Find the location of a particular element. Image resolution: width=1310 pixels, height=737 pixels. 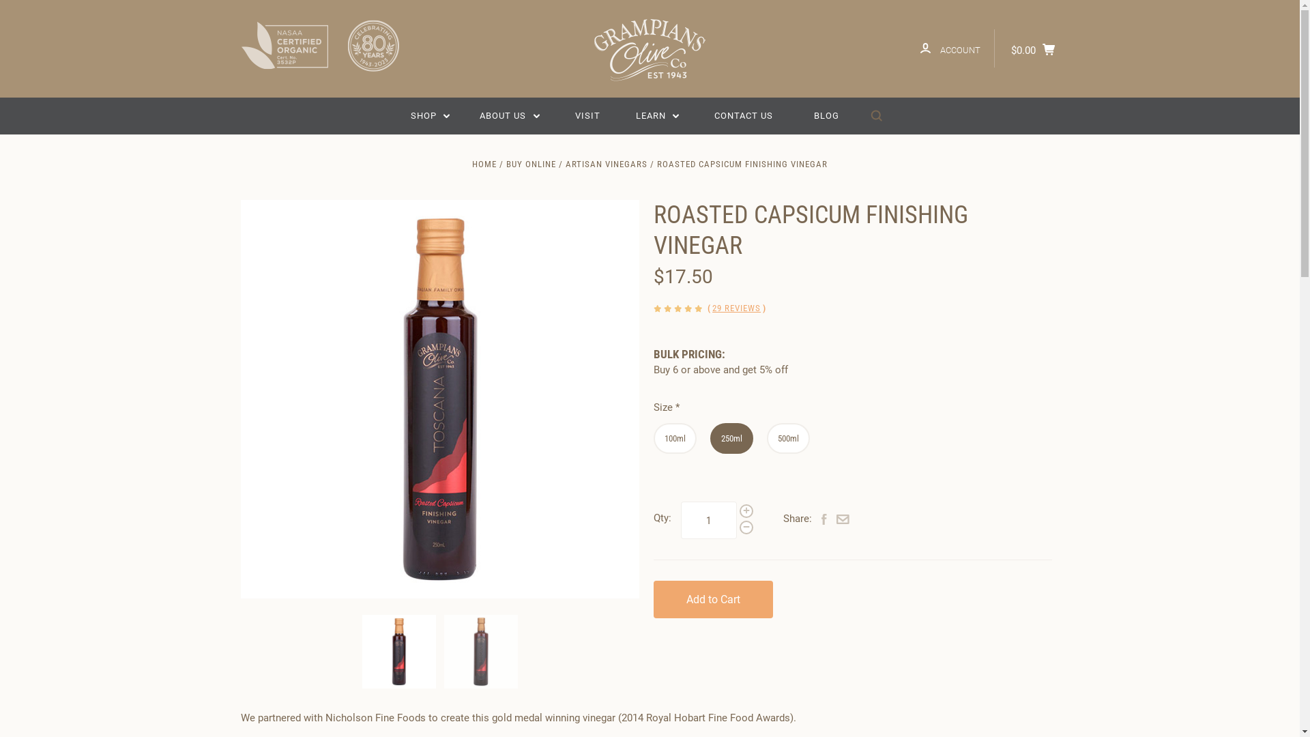

'search_icon' is located at coordinates (876, 115).